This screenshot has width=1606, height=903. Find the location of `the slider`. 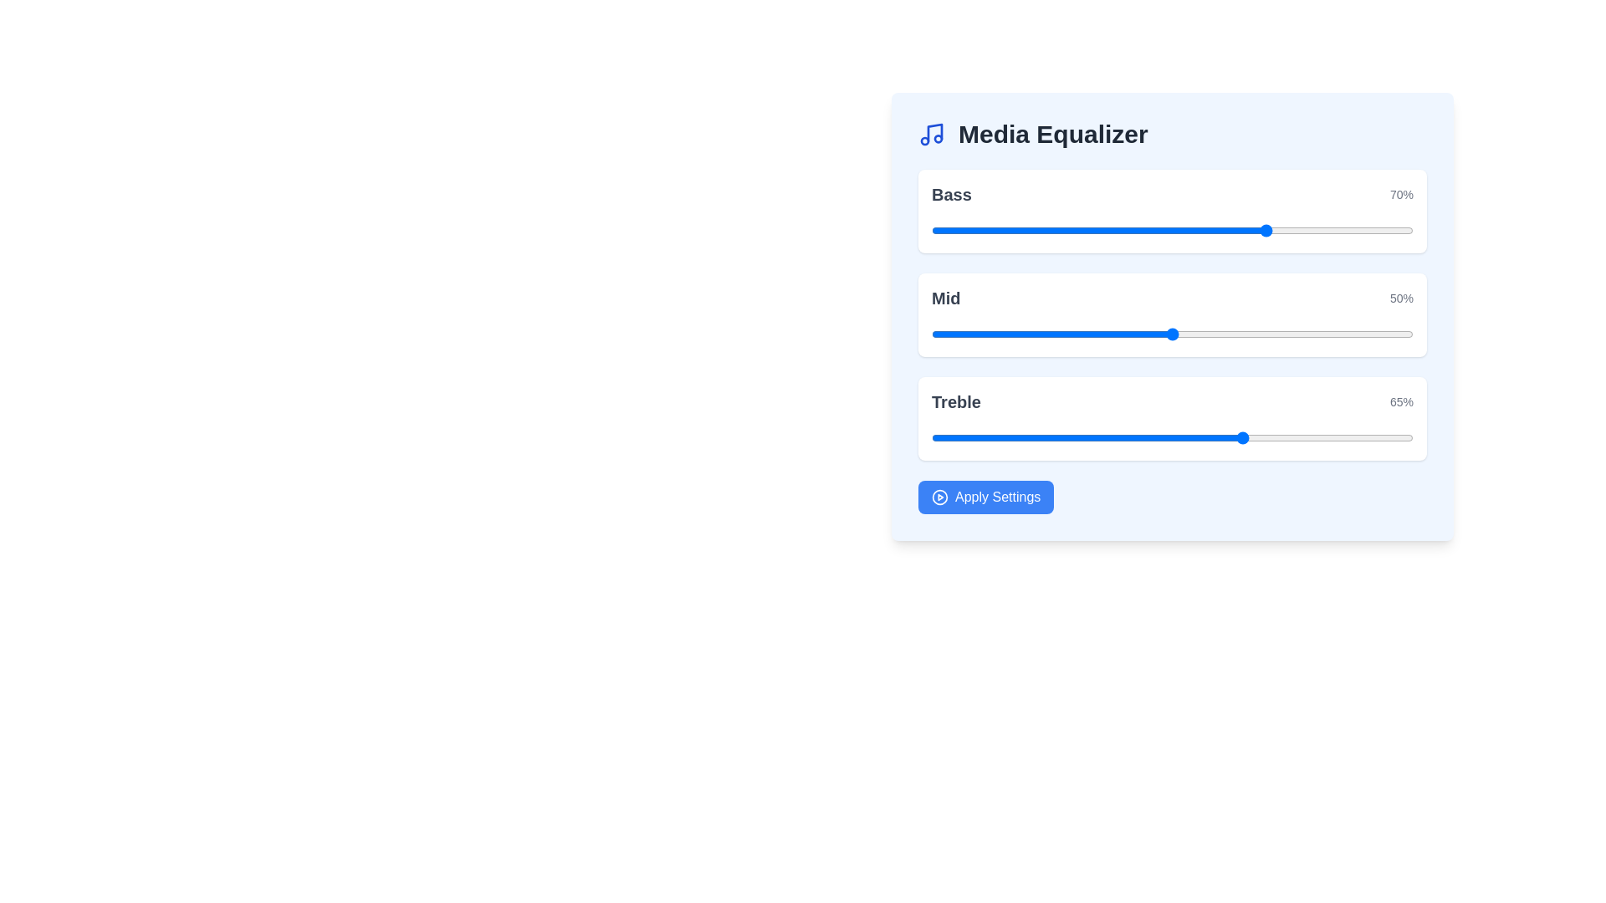

the slider is located at coordinates (1171, 334).